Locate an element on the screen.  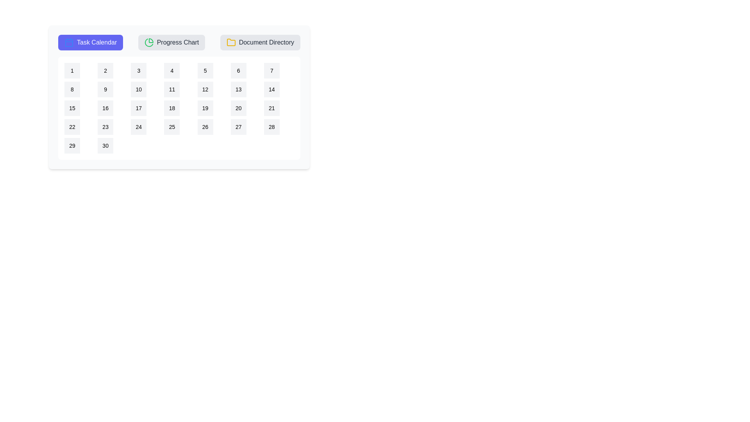
the calendar date 5 is located at coordinates (205, 71).